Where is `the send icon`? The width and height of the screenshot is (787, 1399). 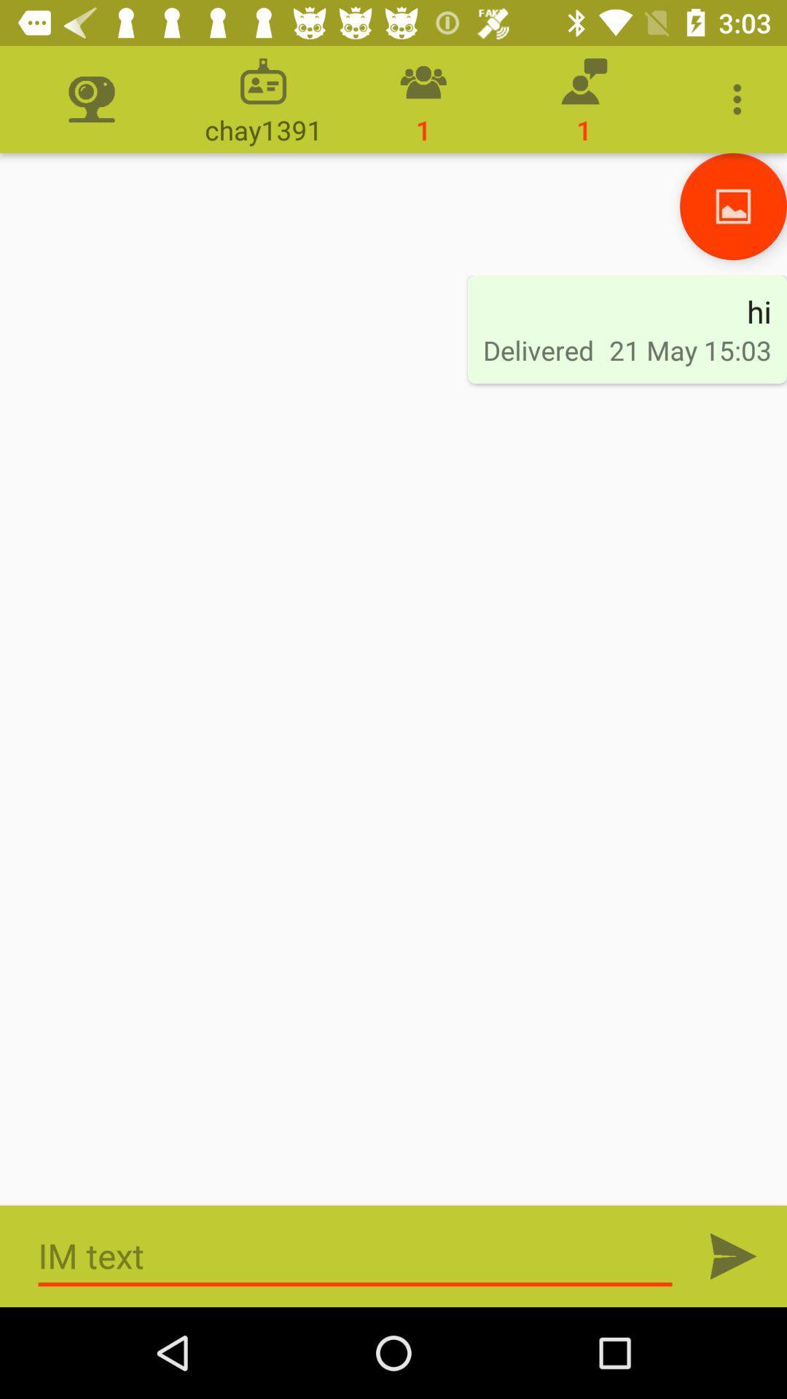
the send icon is located at coordinates (733, 1255).